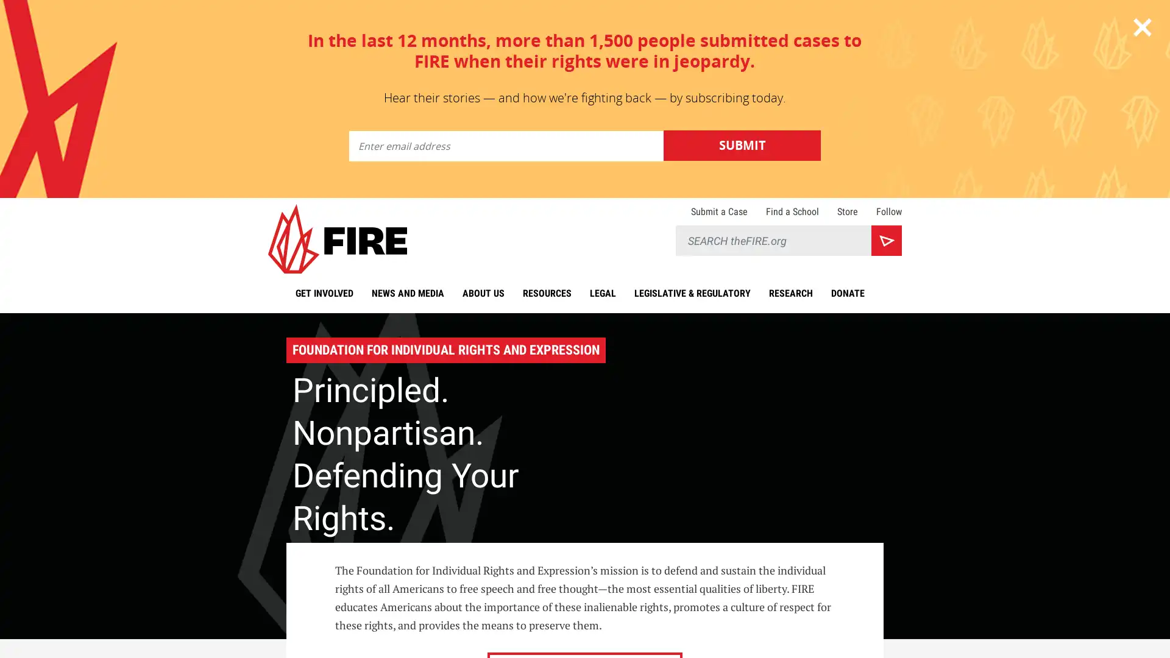 Image resolution: width=1170 pixels, height=658 pixels. Describe the element at coordinates (742, 145) in the screenshot. I see `Submit` at that location.